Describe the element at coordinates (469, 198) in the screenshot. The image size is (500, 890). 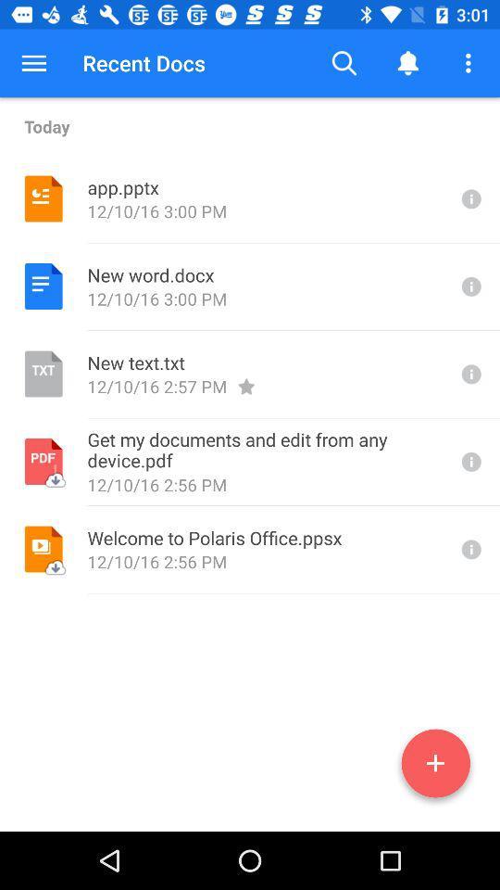
I see `info on app.pptx` at that location.